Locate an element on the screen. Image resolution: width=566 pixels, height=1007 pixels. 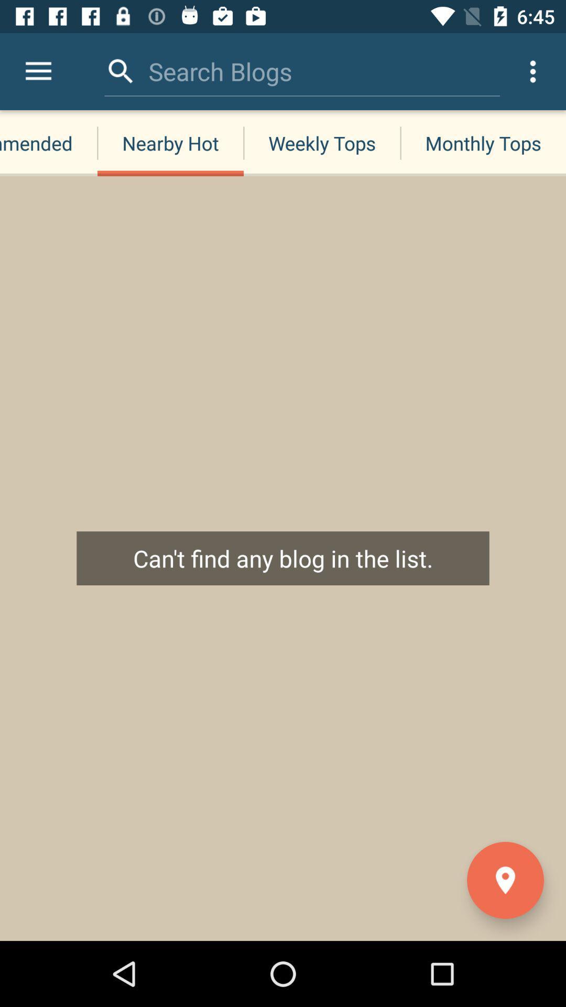
the location icon is located at coordinates (505, 880).